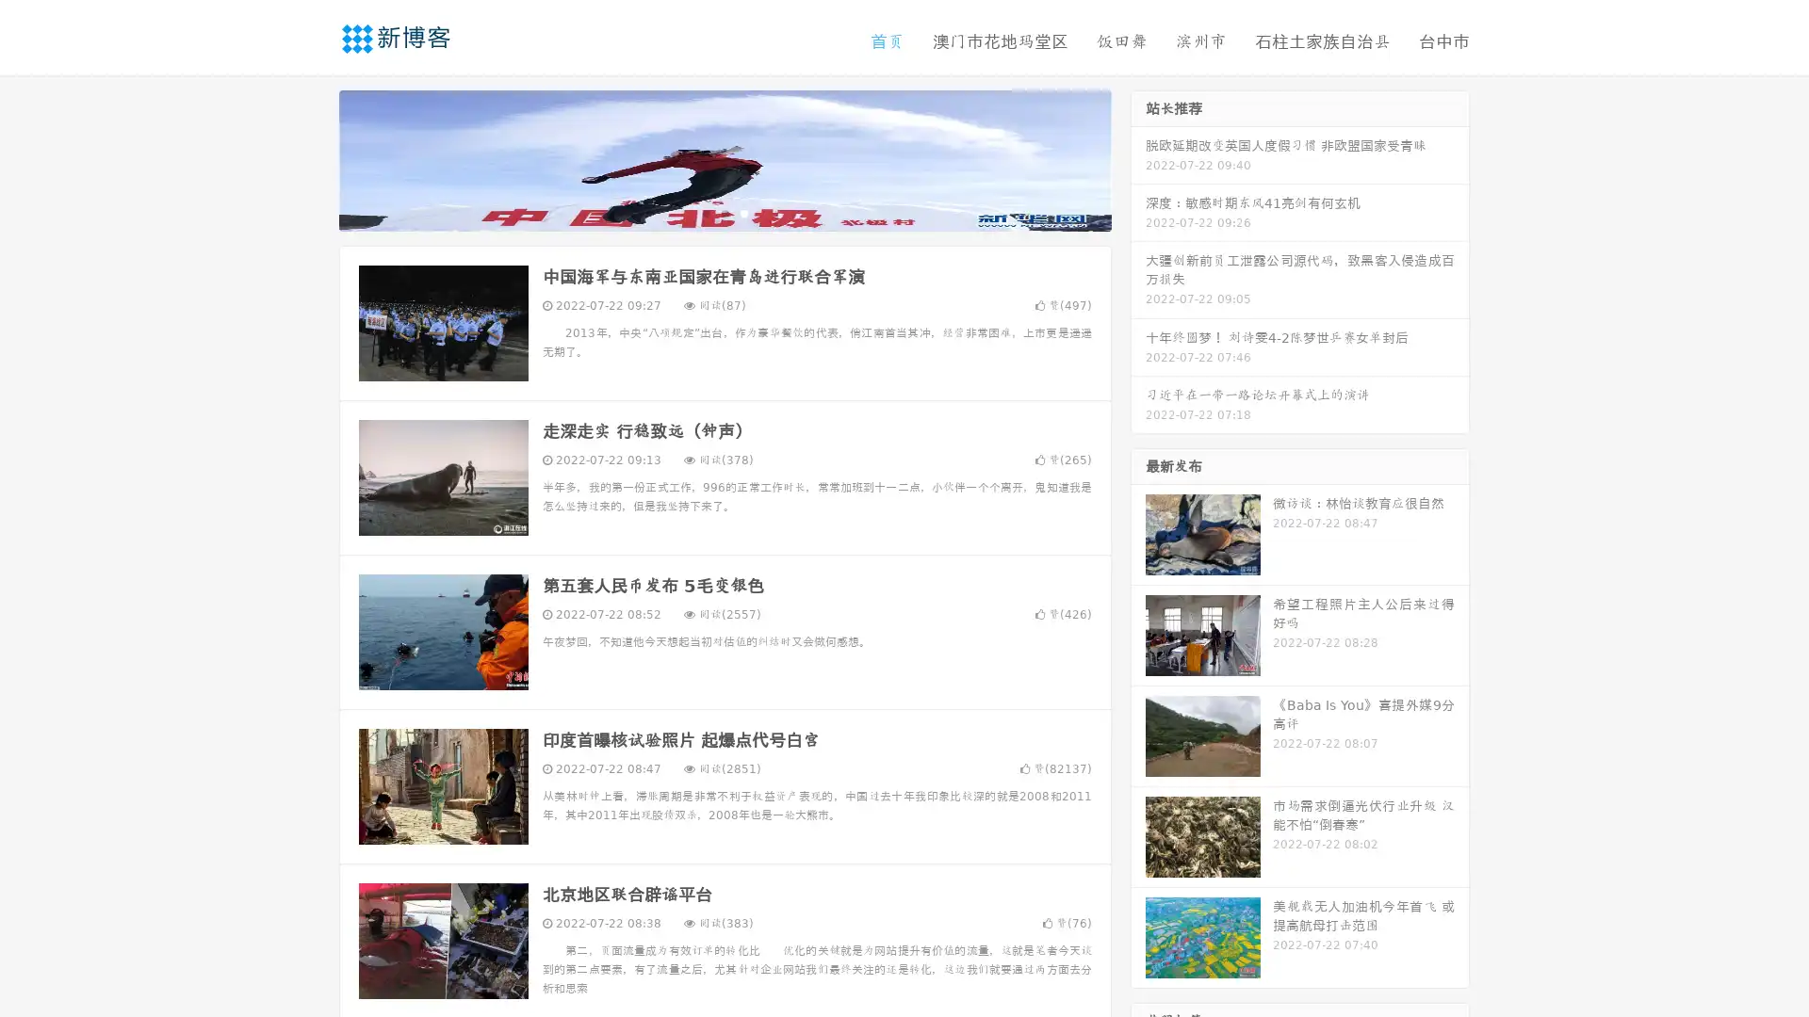 The width and height of the screenshot is (1809, 1017). I want to click on Go to slide 1, so click(705, 212).